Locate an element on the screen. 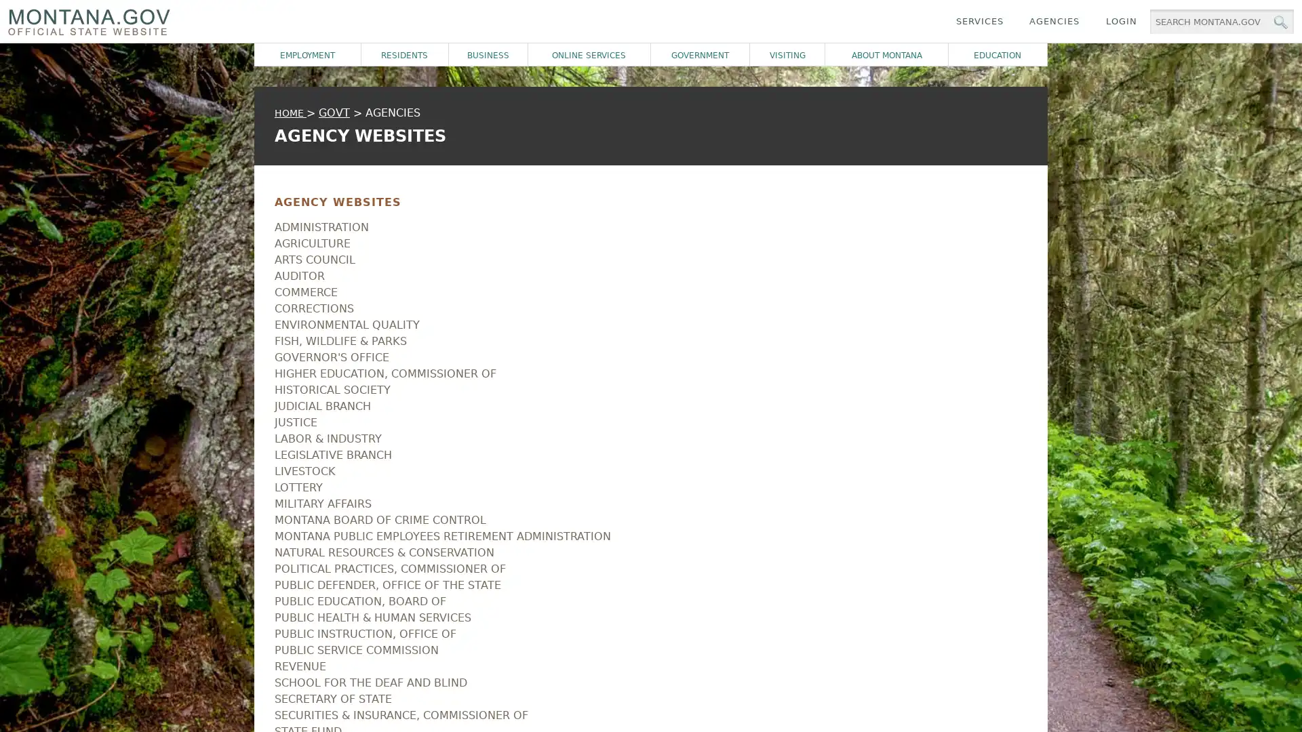 The height and width of the screenshot is (732, 1302). MT.gov Search Button is located at coordinates (1279, 22).